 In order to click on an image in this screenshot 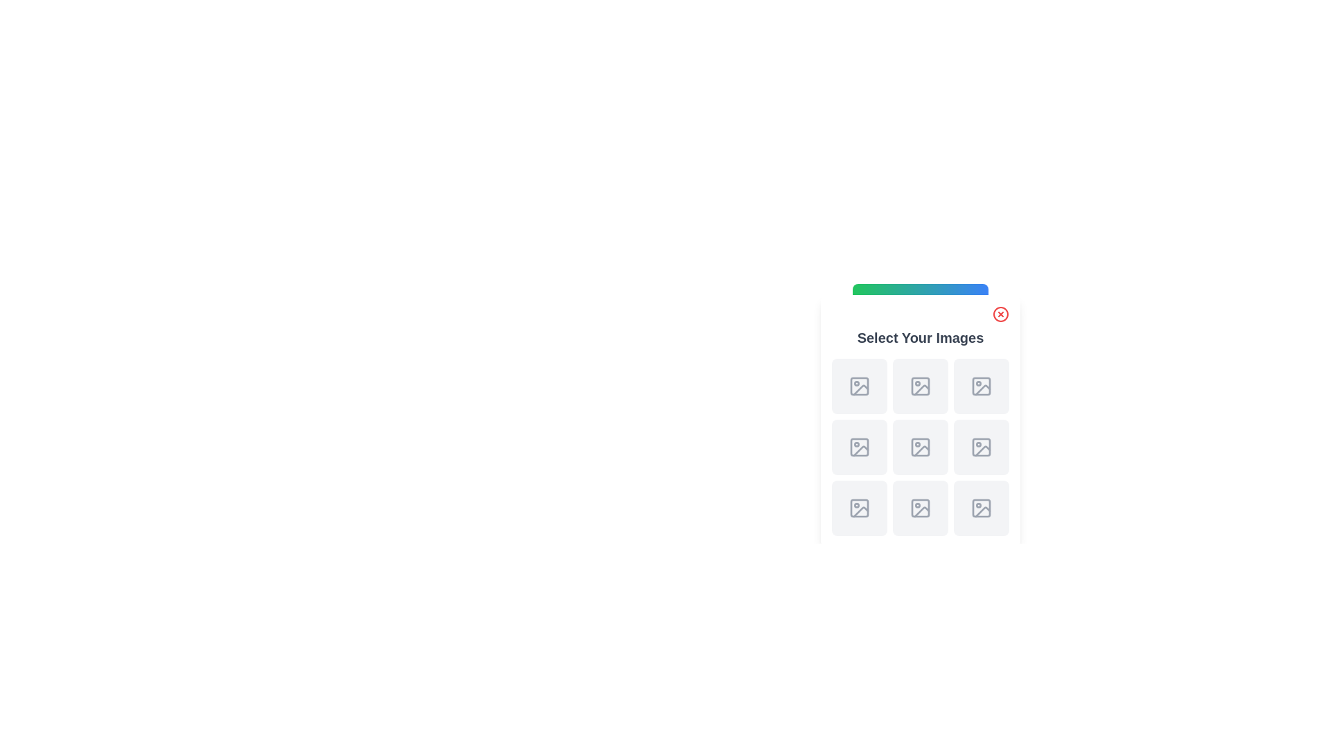, I will do `click(859, 386)`.